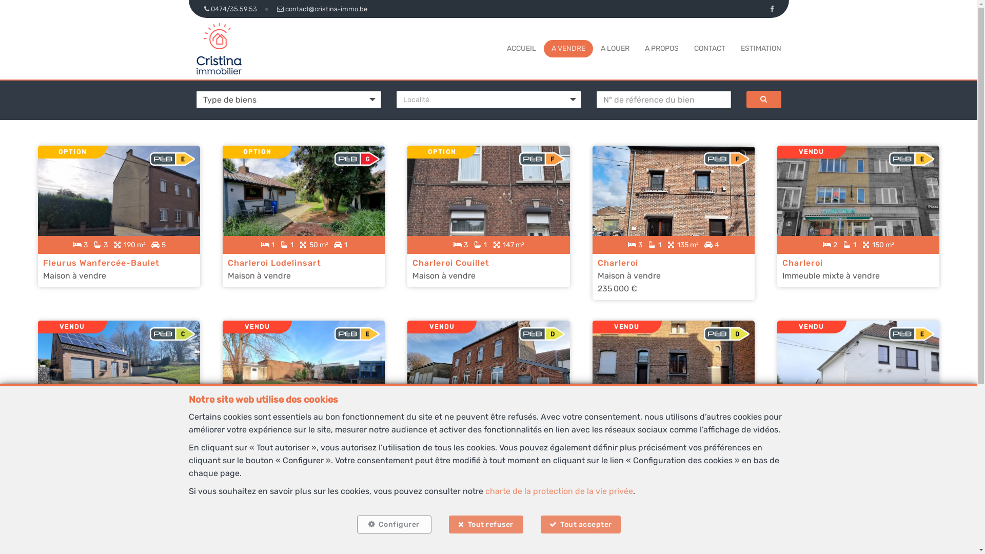  I want to click on 'Configurer', so click(393, 524).